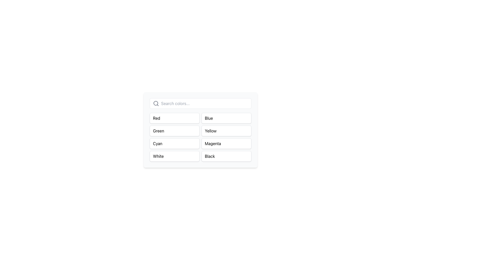 The width and height of the screenshot is (488, 274). I want to click on the 'Magenta' button, which is a rectangular element with a white background and black text, so click(226, 144).